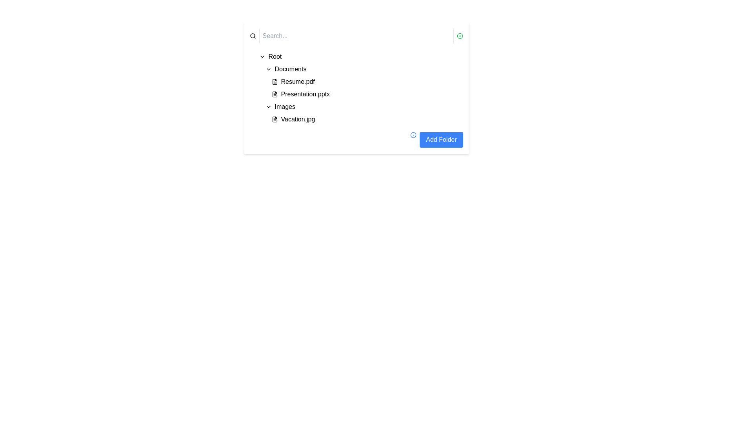 This screenshot has height=423, width=753. Describe the element at coordinates (268, 107) in the screenshot. I see `the chevron icon` at that location.